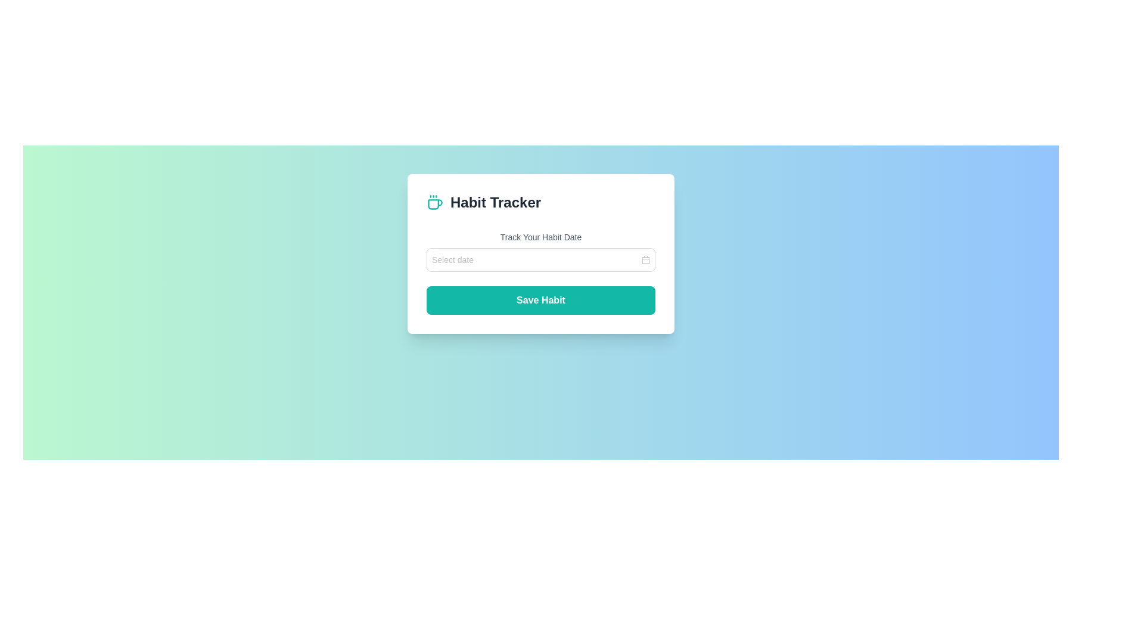  I want to click on the Date Picker Input located below 'Track Your Habit Date' in the 'Habit Tracker' card, so click(540, 259).